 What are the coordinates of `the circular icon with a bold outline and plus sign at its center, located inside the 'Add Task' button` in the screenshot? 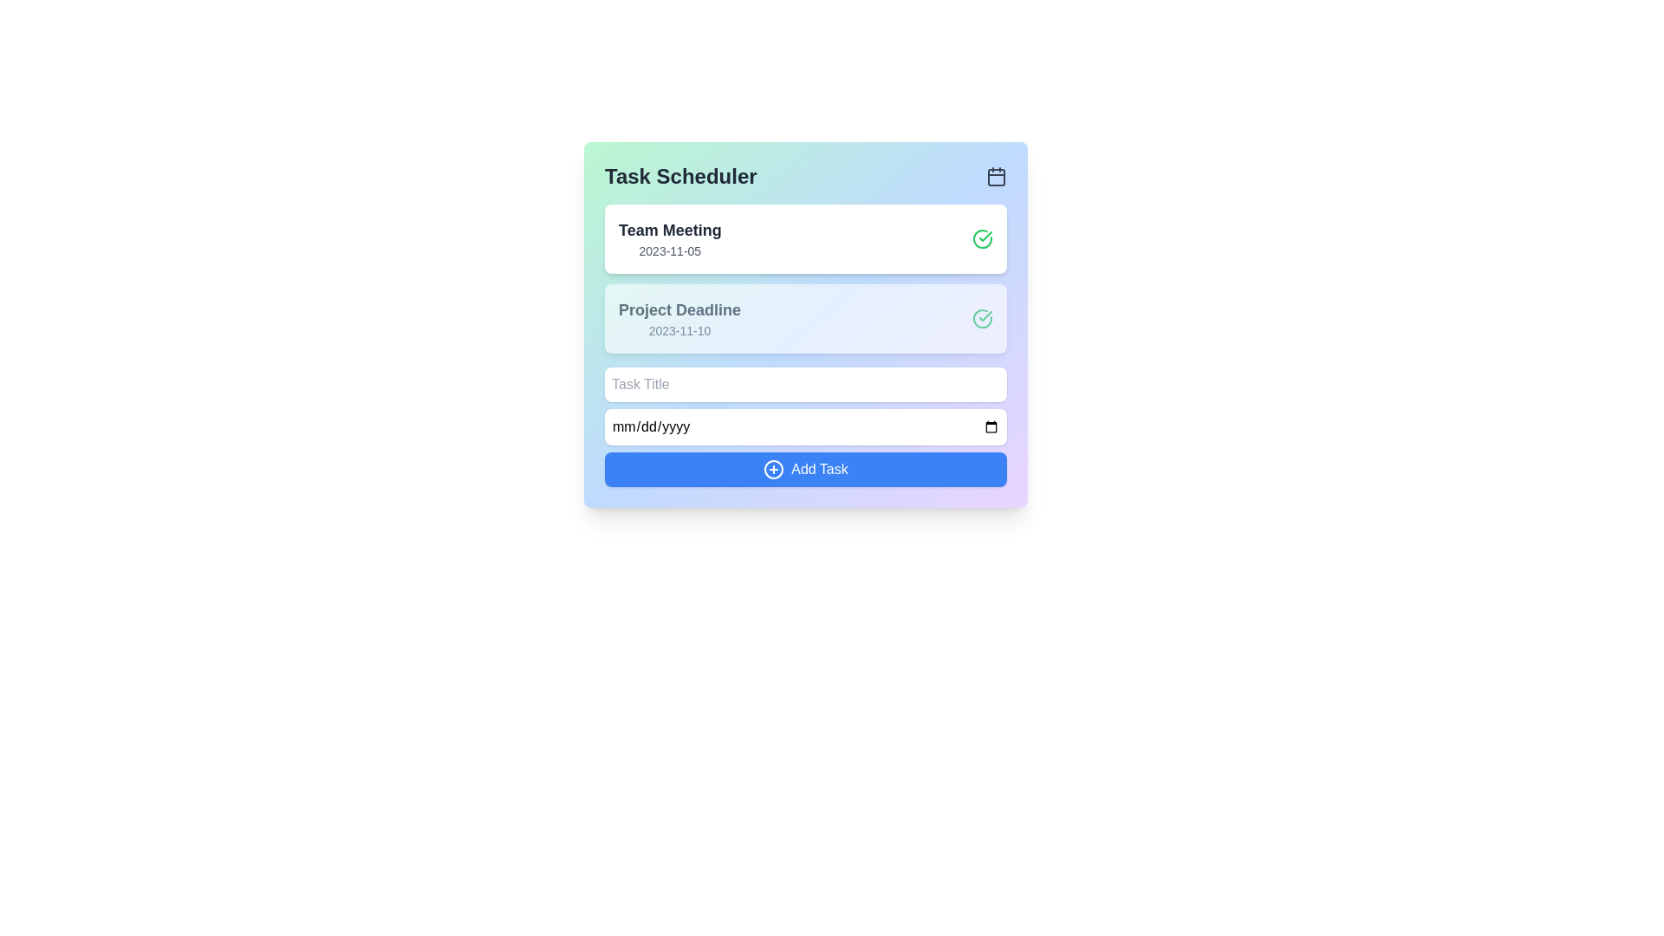 It's located at (773, 470).